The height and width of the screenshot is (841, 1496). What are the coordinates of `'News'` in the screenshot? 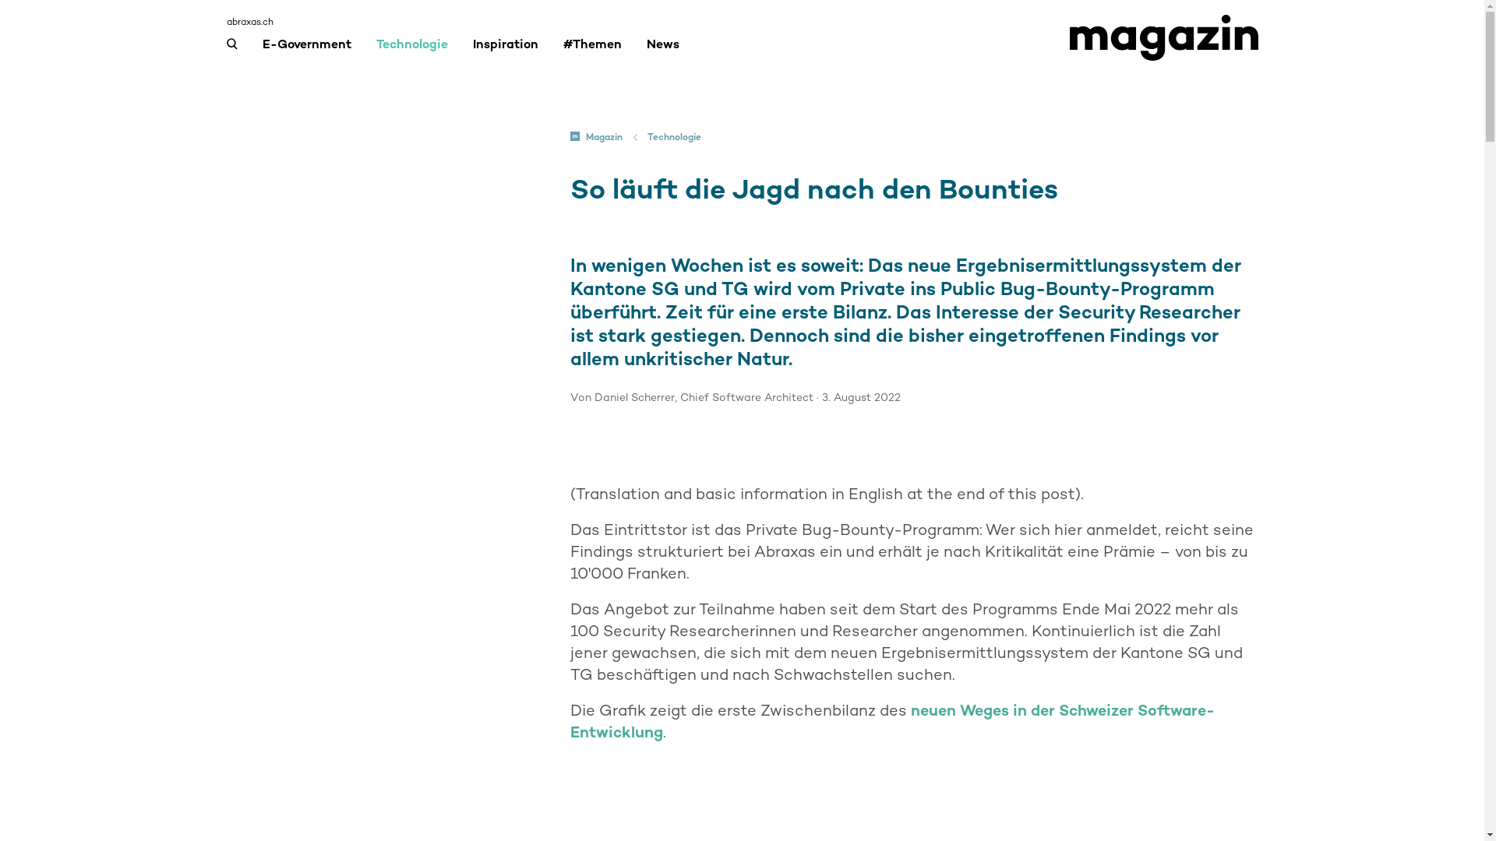 It's located at (662, 50).